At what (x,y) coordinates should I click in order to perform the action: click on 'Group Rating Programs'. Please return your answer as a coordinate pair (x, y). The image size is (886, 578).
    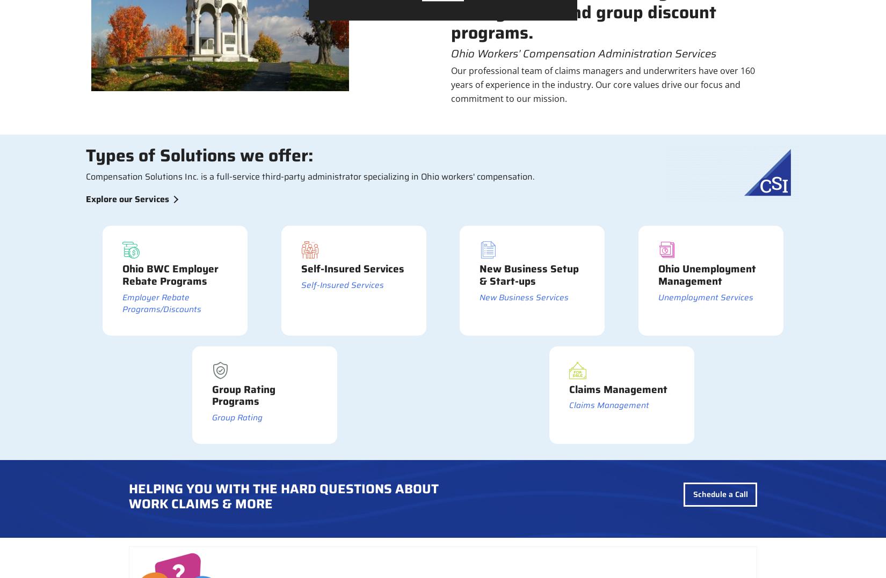
    Looking at the image, I should click on (242, 395).